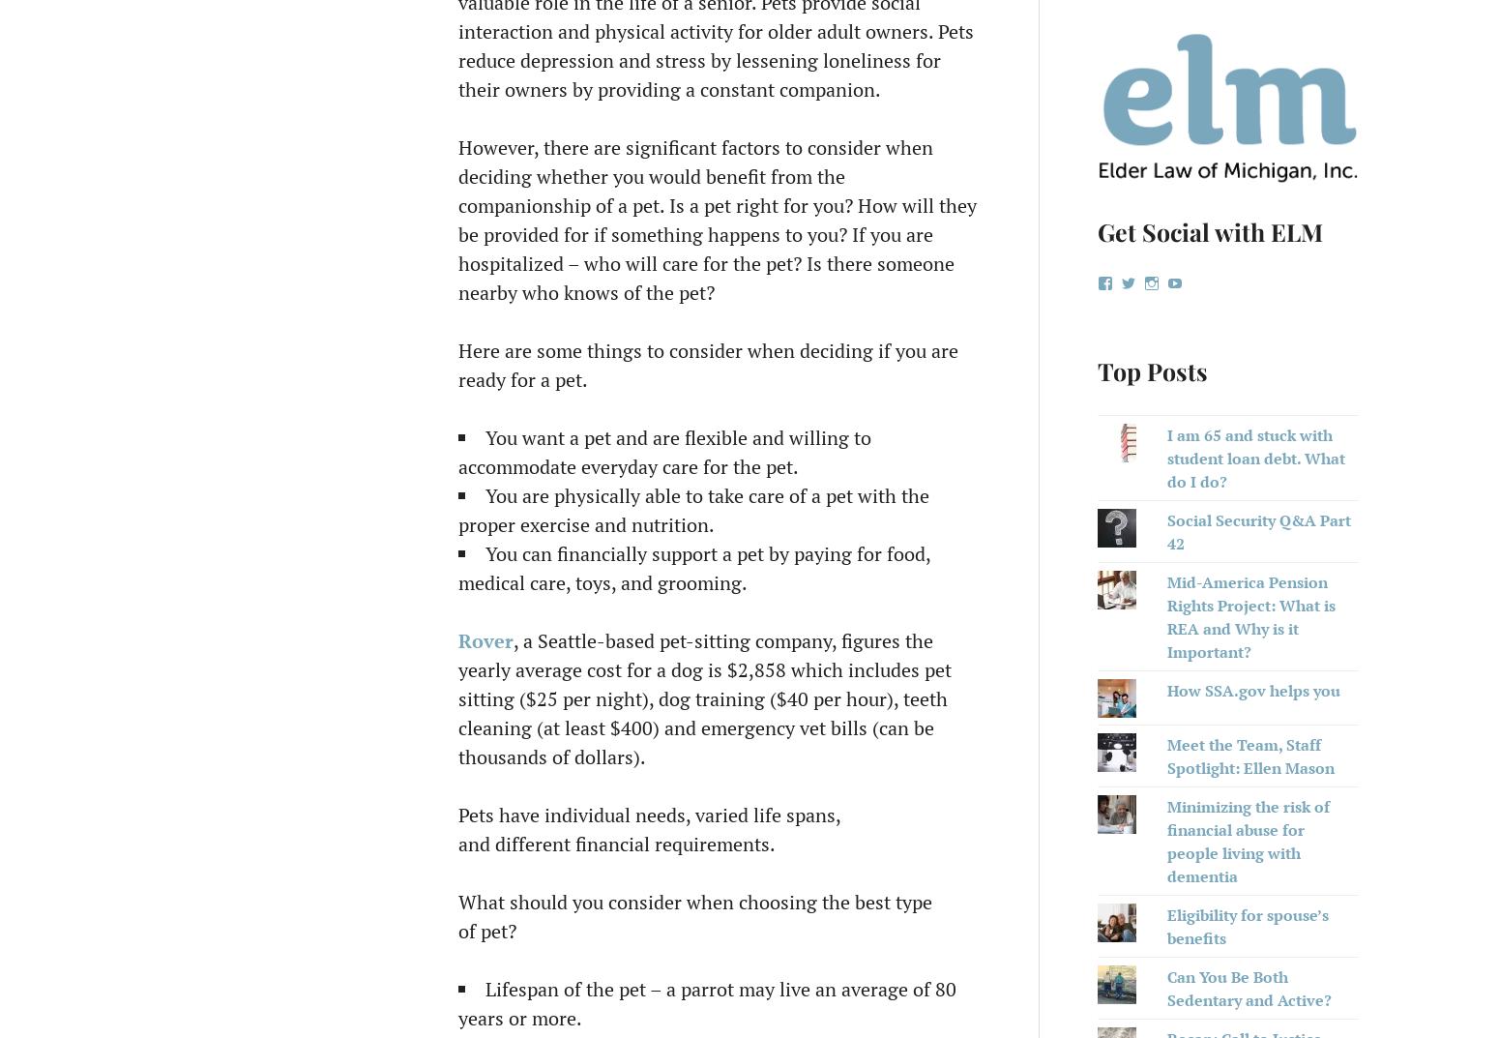 This screenshot has height=1038, width=1499. What do you see at coordinates (1166, 756) in the screenshot?
I see `'Meet the Team, Staff Spotlight: Ellen Mason'` at bounding box center [1166, 756].